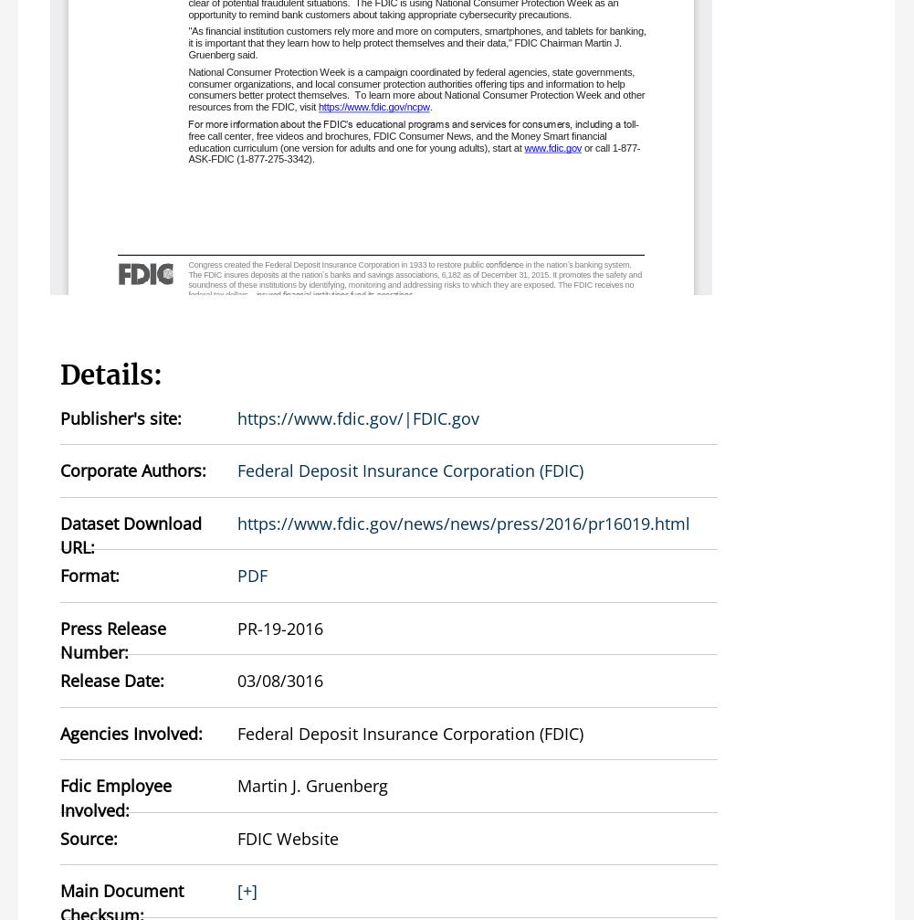 The height and width of the screenshot is (920, 914). I want to click on 'PR-19-2016', so click(280, 626).